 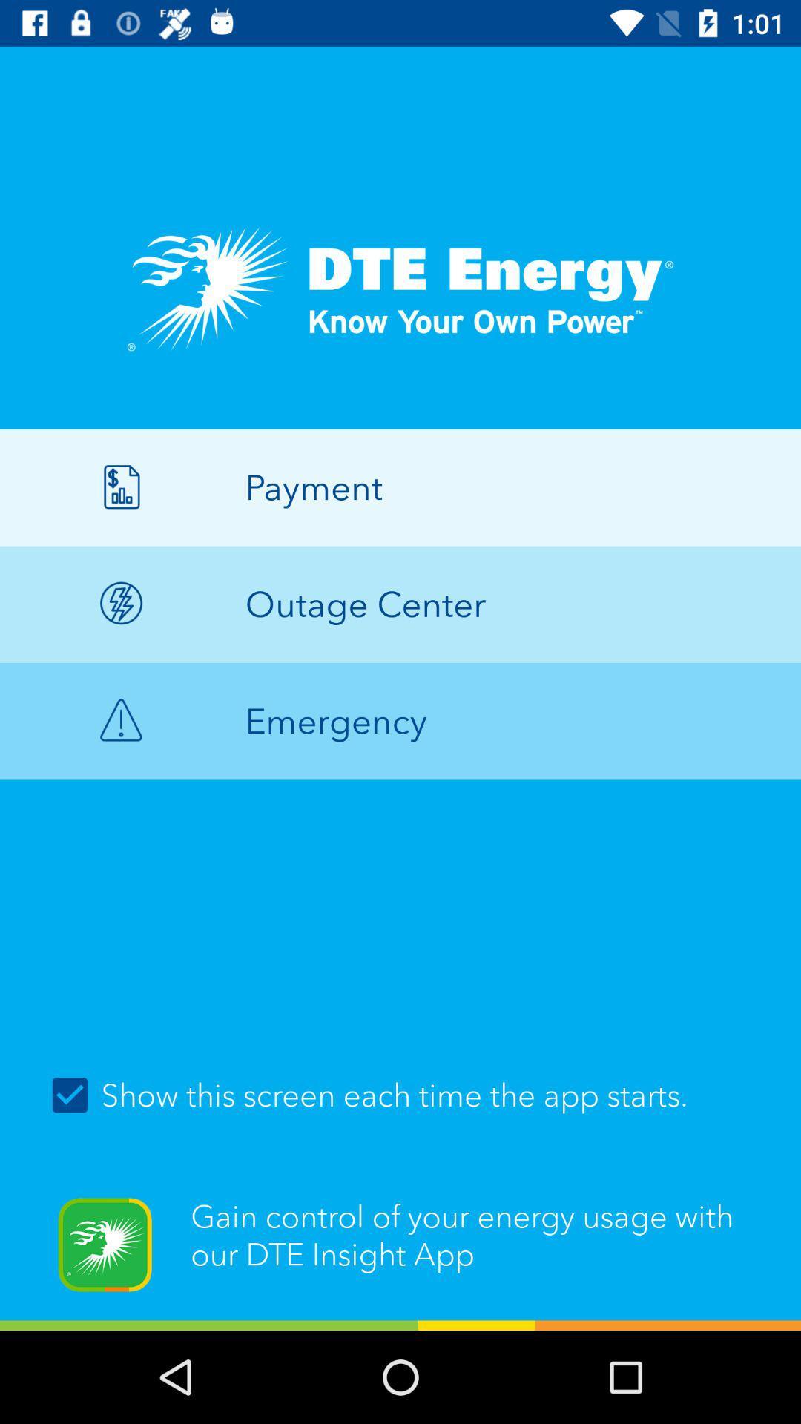 I want to click on the gain control of item, so click(x=400, y=1253).